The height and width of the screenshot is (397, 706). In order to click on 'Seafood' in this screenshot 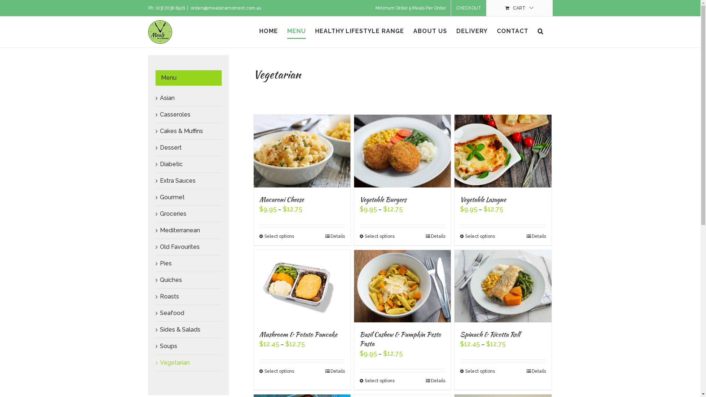, I will do `click(171, 313)`.